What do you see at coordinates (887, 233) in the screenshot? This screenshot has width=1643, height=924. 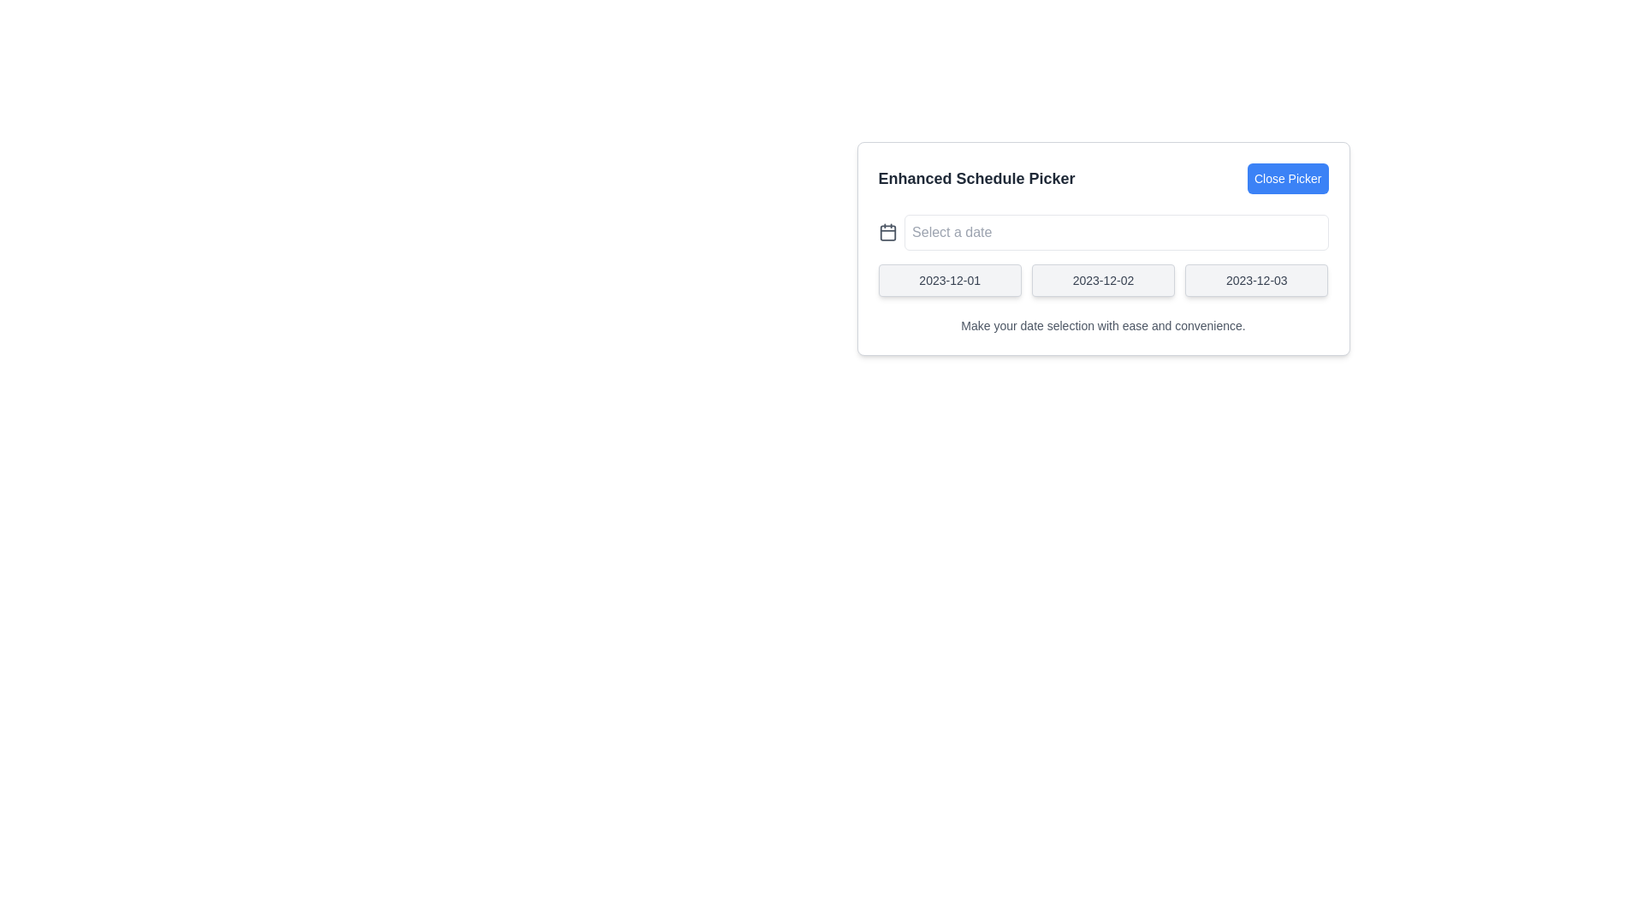 I see `the calendar icon, which is a rectangular shape with a white background and a gray border, located to the left of the date input field labeled 'Select a date' in the 'Enhanced Schedule Picker' modal` at bounding box center [887, 233].